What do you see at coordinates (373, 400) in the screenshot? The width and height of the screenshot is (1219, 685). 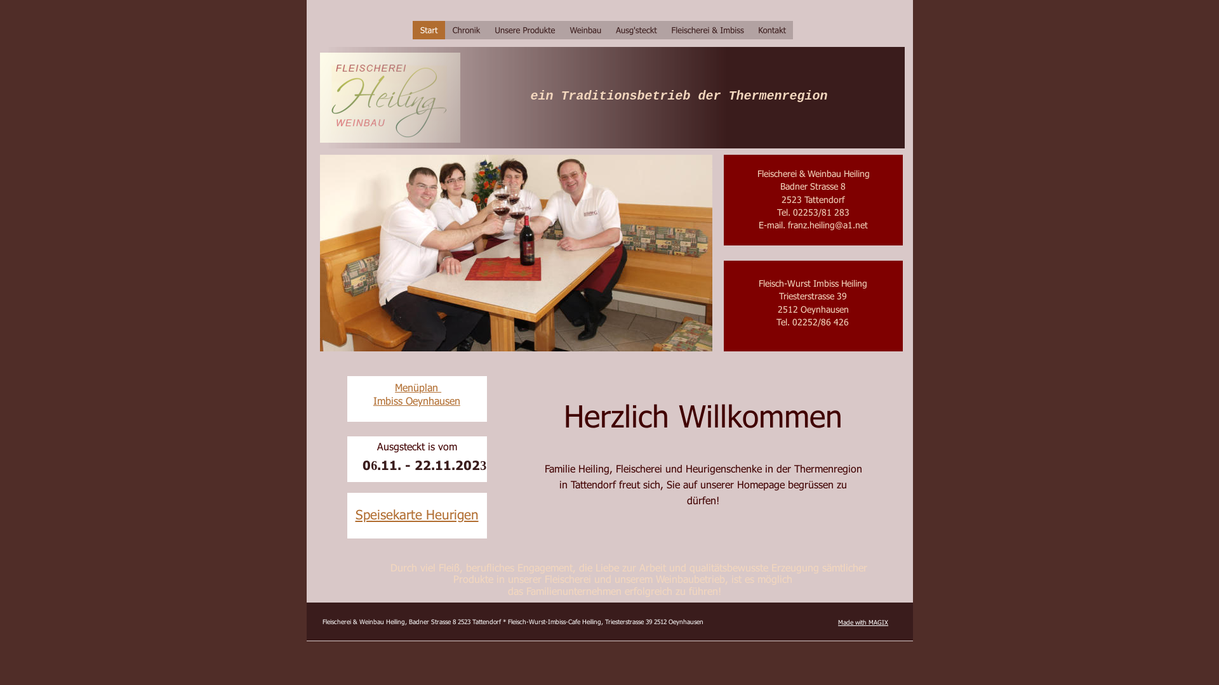 I see `'Imbiss Oeynhausen'` at bounding box center [373, 400].